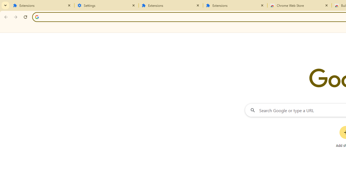 The image size is (346, 195). Describe the element at coordinates (299, 5) in the screenshot. I see `'Chrome Web Store'` at that location.